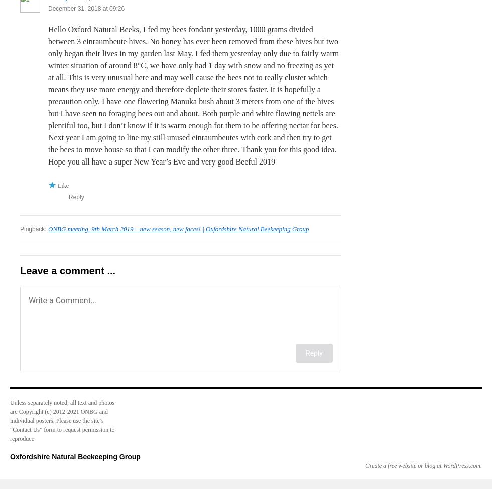 This screenshot has width=492, height=489. What do you see at coordinates (86, 8) in the screenshot?
I see `'December 31, 2018 at 09:26'` at bounding box center [86, 8].